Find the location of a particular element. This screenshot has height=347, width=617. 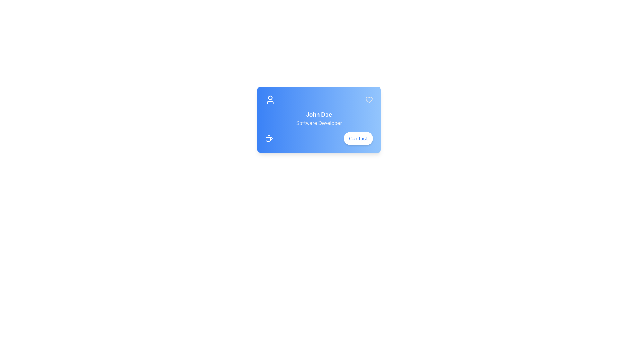

the icon located within the blue panel on the left side of the card, positioned below the user icon, which represents additional features related to coffee breaks or user preferences is located at coordinates (269, 138).